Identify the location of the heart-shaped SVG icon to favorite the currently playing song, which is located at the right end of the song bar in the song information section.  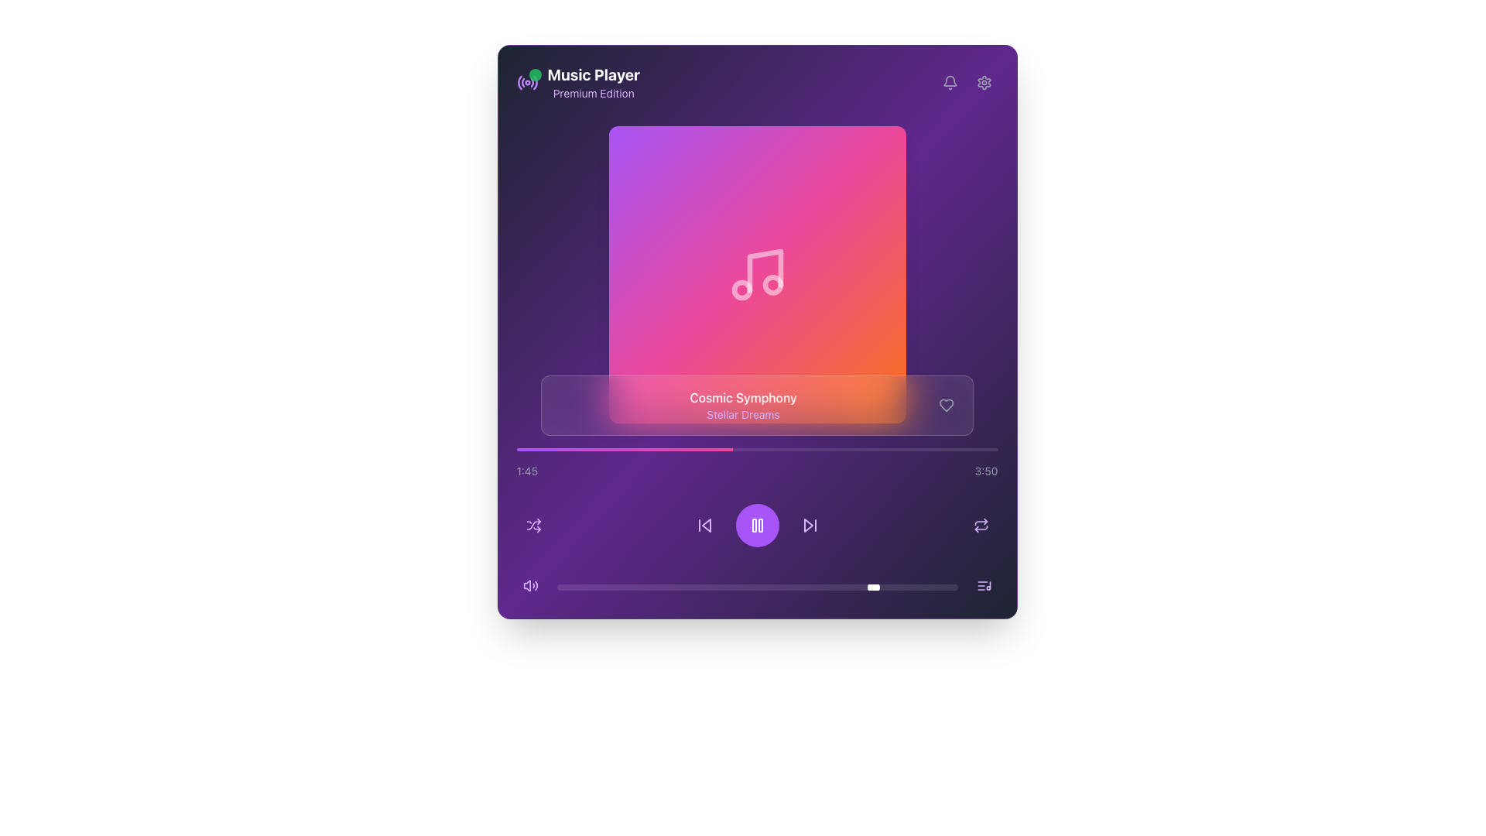
(946, 405).